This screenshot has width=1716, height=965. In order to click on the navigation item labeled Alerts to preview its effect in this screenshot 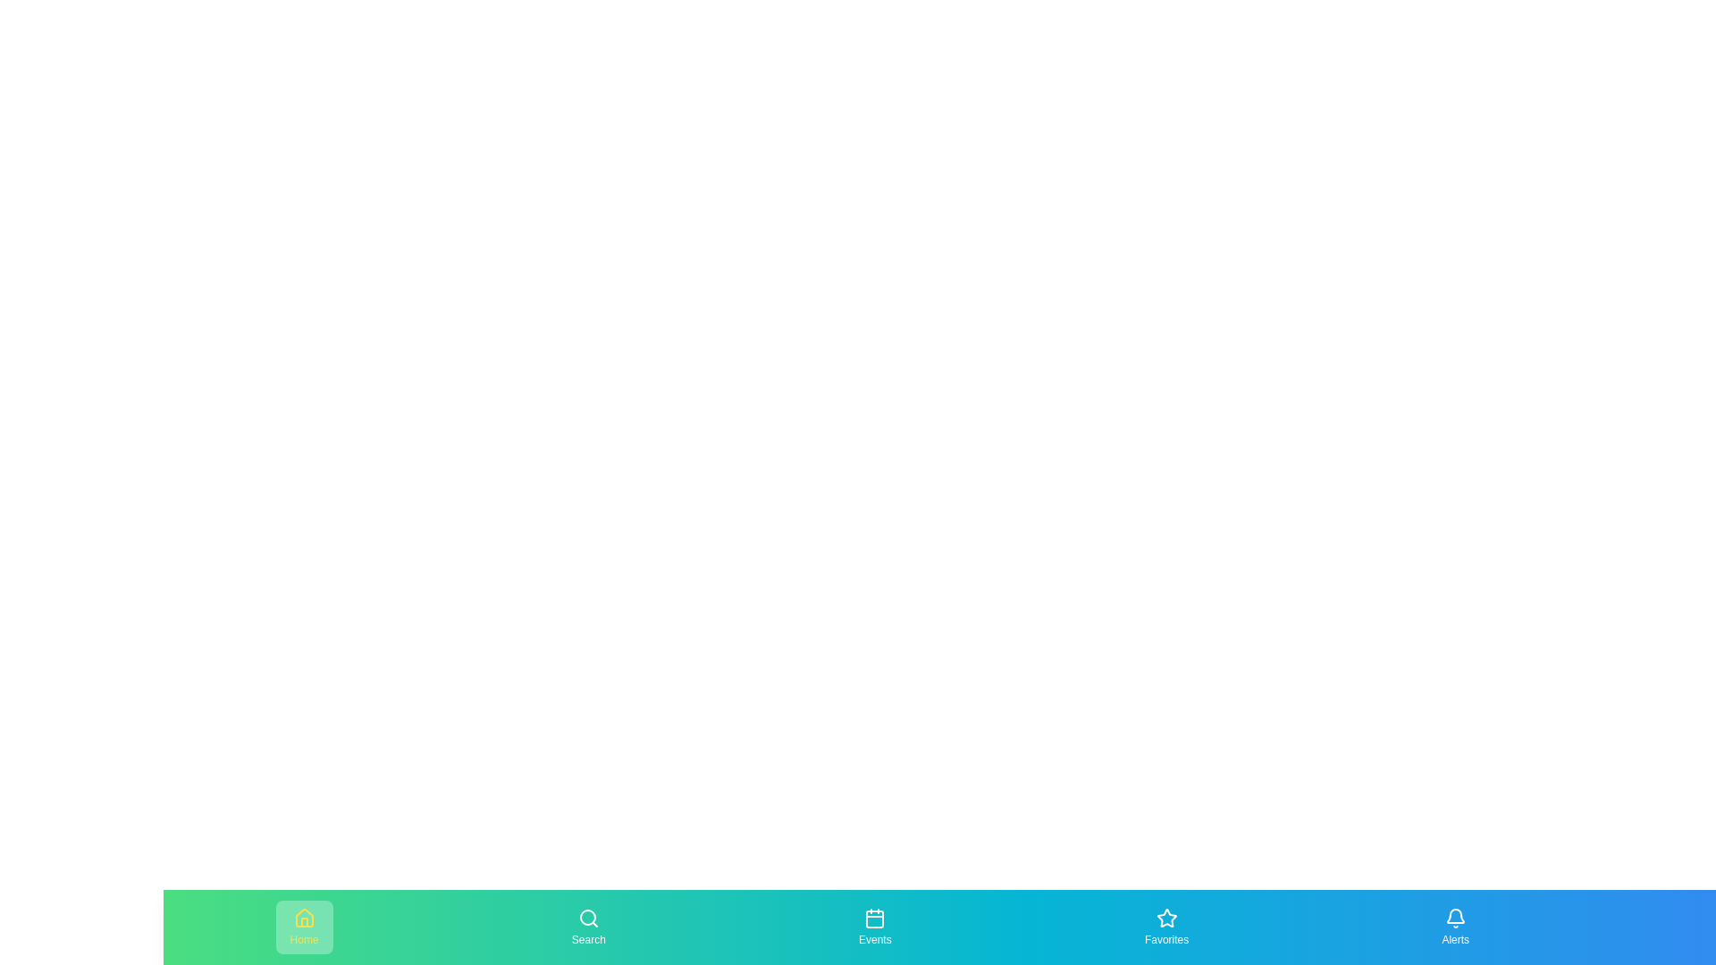, I will do `click(1455, 926)`.